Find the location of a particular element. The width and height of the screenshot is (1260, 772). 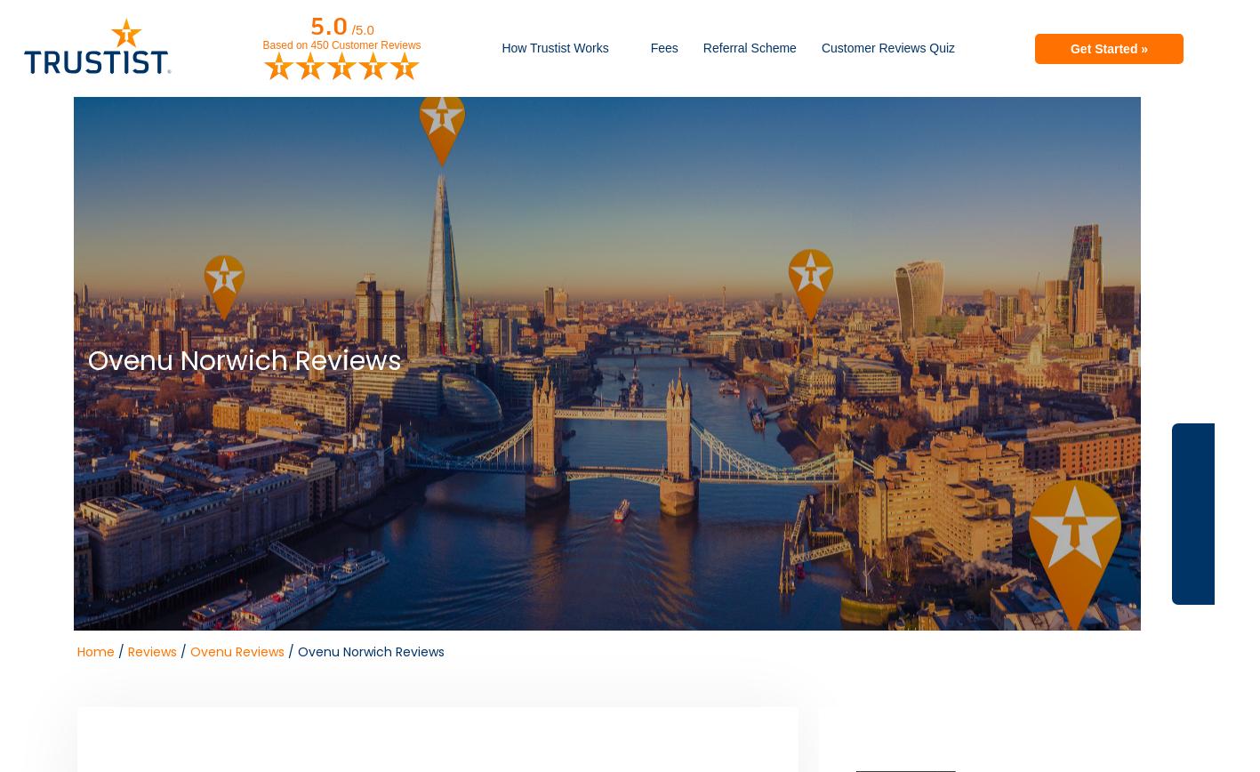

'Fees' is located at coordinates (649, 47).